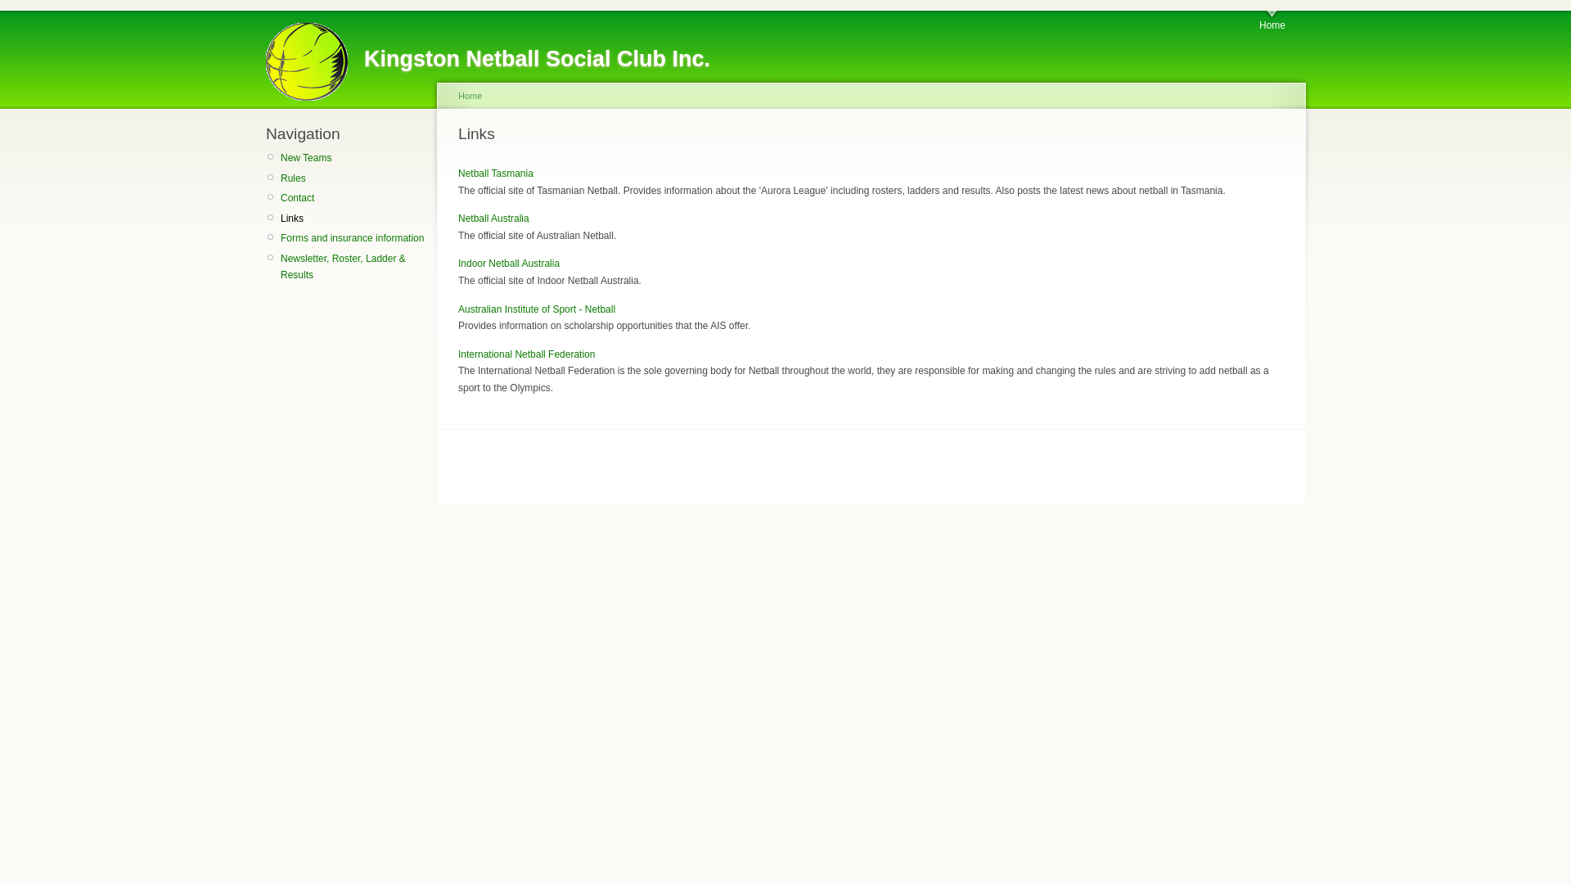 The height and width of the screenshot is (884, 1571). What do you see at coordinates (494, 174) in the screenshot?
I see `'Netball Tasmania'` at bounding box center [494, 174].